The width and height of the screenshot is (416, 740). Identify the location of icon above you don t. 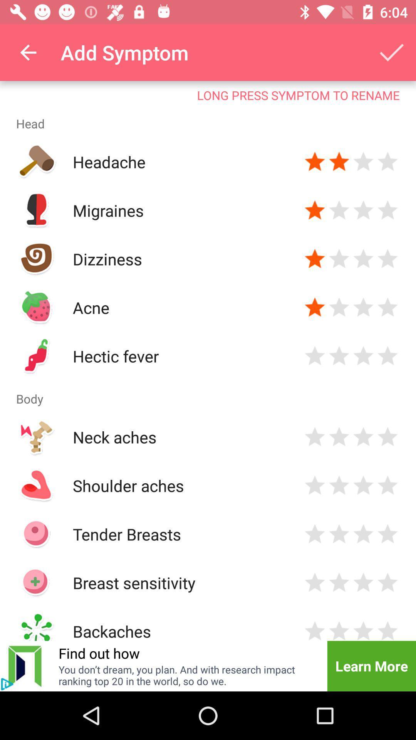
(99, 653).